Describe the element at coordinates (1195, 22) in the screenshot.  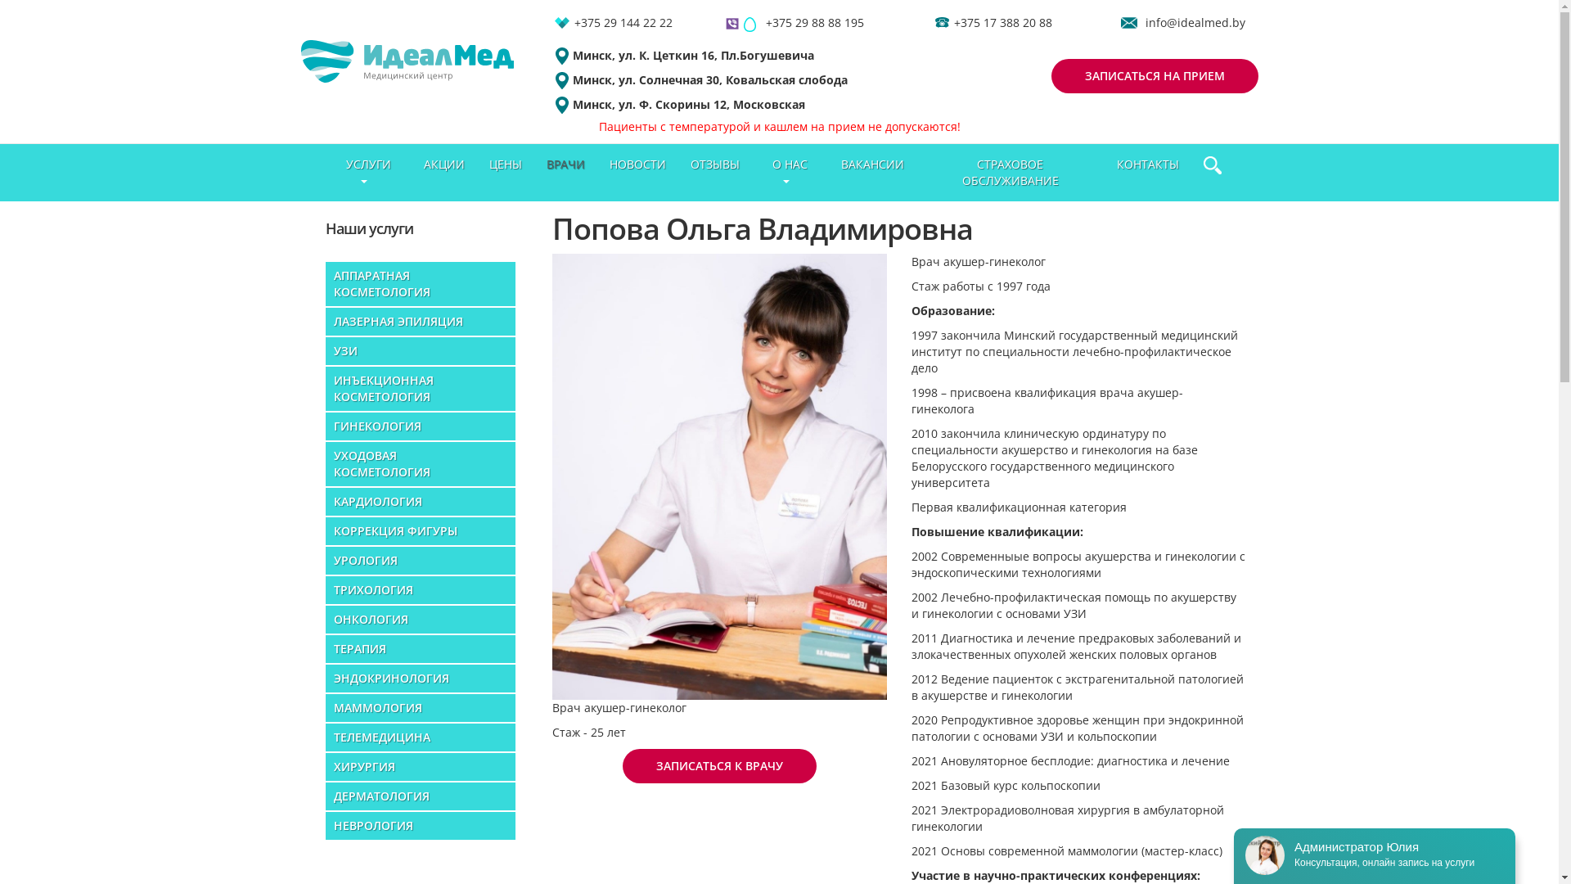
I see `'info@idealmed.by'` at that location.